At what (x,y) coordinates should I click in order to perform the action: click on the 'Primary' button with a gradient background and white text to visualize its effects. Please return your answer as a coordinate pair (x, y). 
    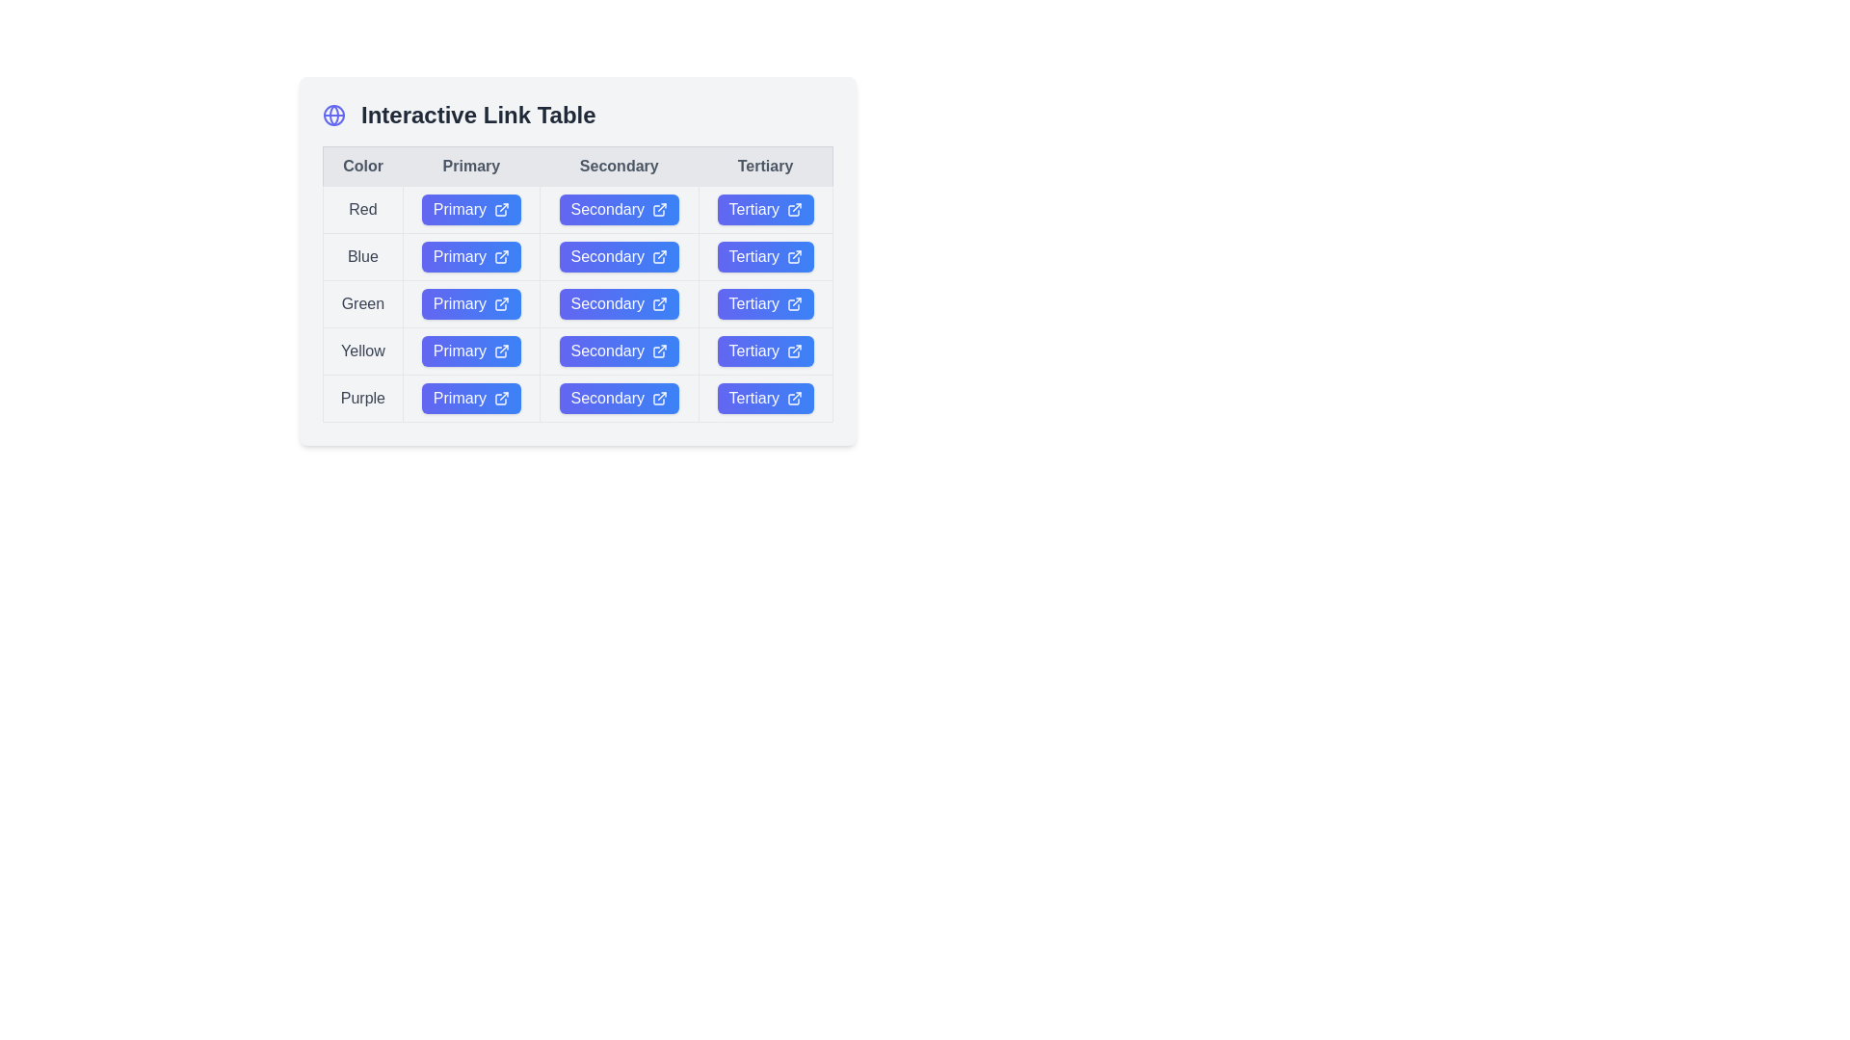
    Looking at the image, I should click on (471, 351).